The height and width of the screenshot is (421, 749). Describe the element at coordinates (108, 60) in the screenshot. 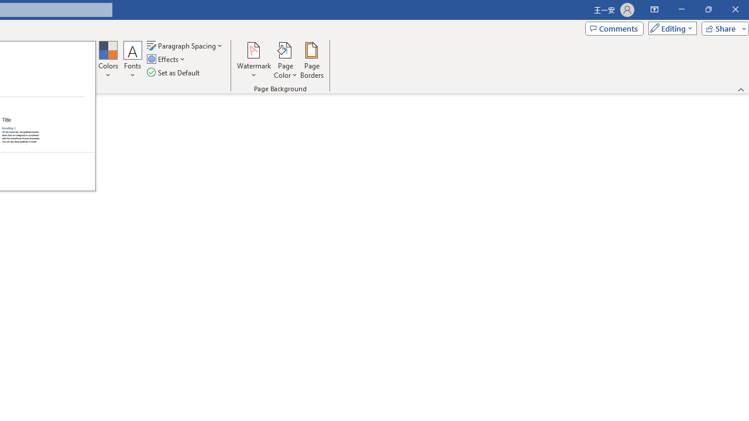

I see `'Colors'` at that location.